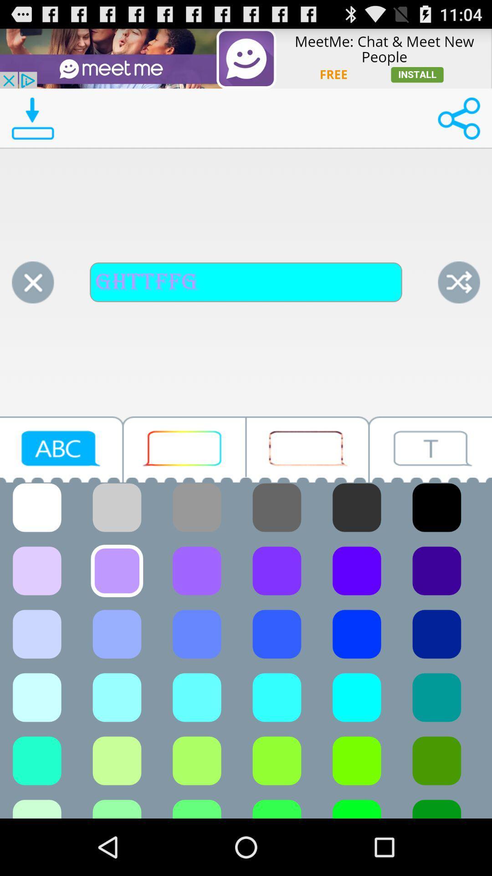 The image size is (492, 876). I want to click on the close icon, so click(459, 302).